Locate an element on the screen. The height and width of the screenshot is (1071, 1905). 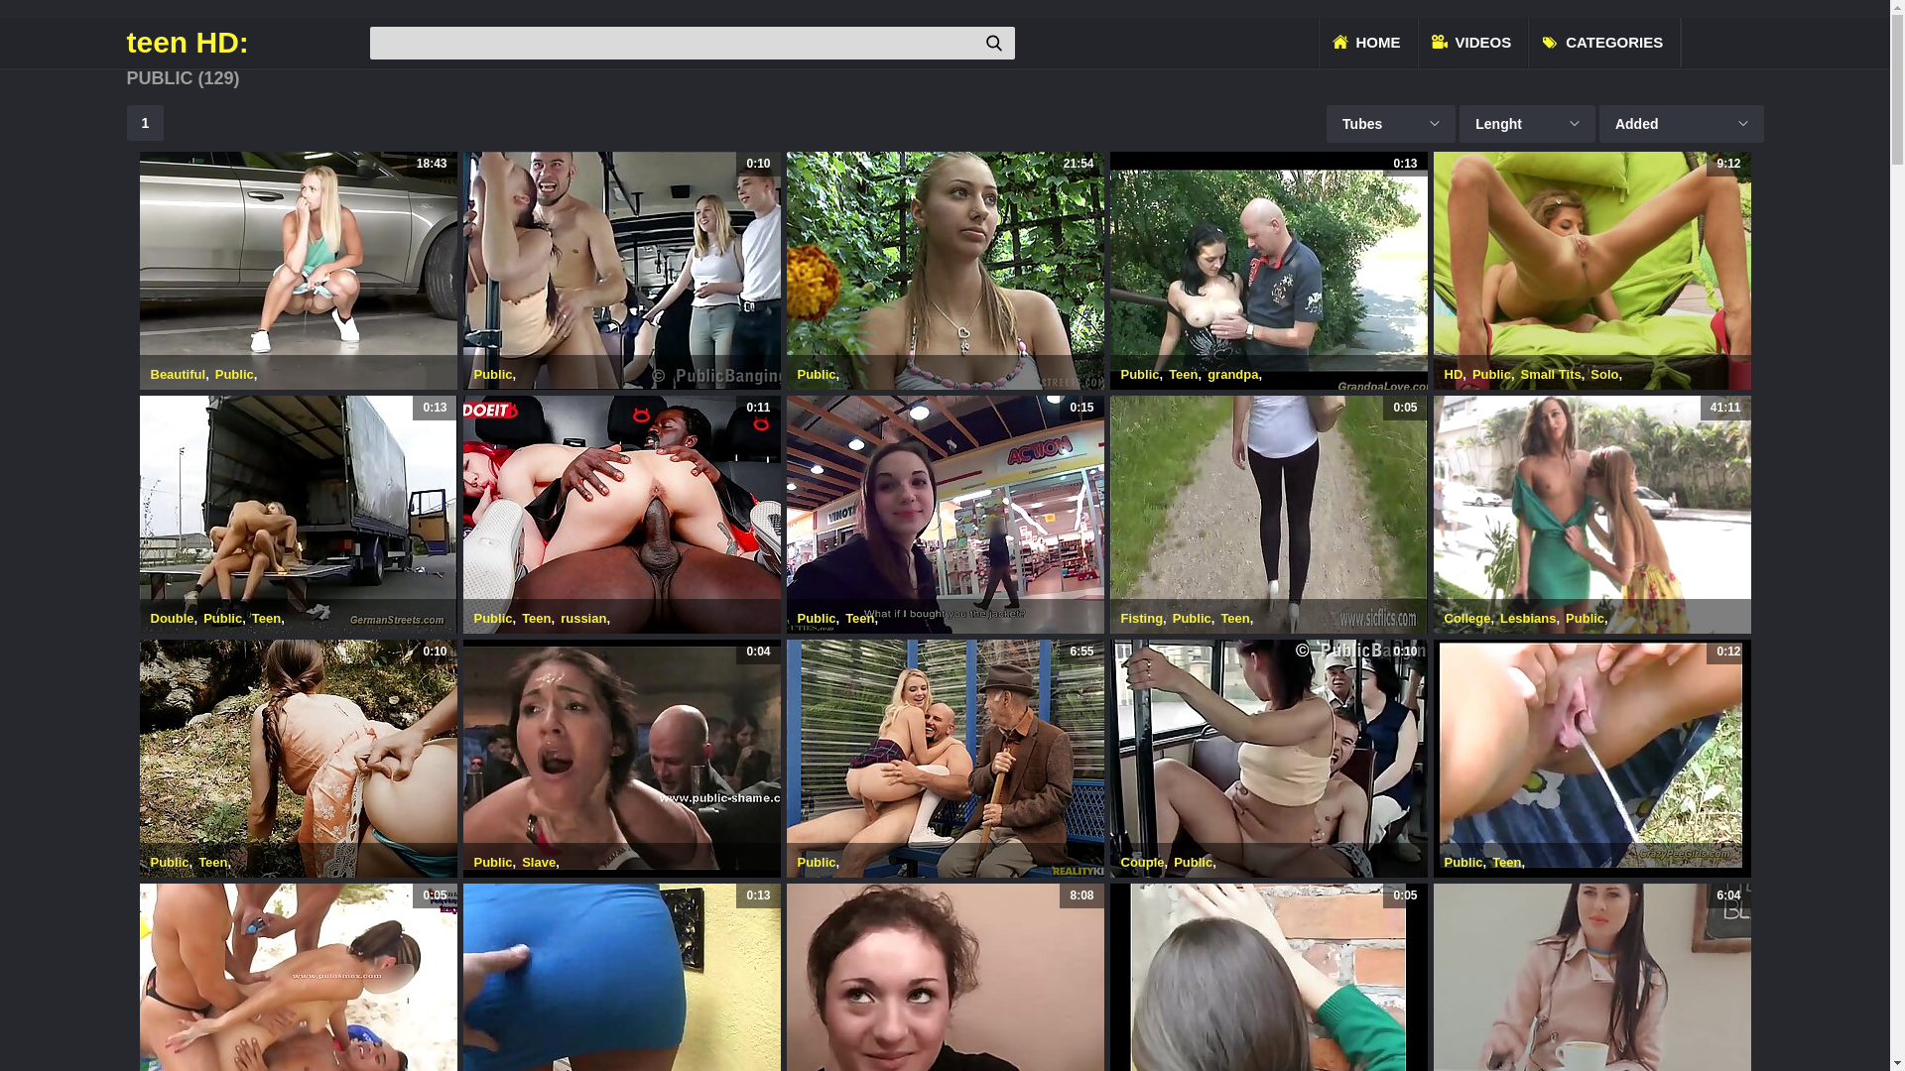
'teen HD:' is located at coordinates (245, 42).